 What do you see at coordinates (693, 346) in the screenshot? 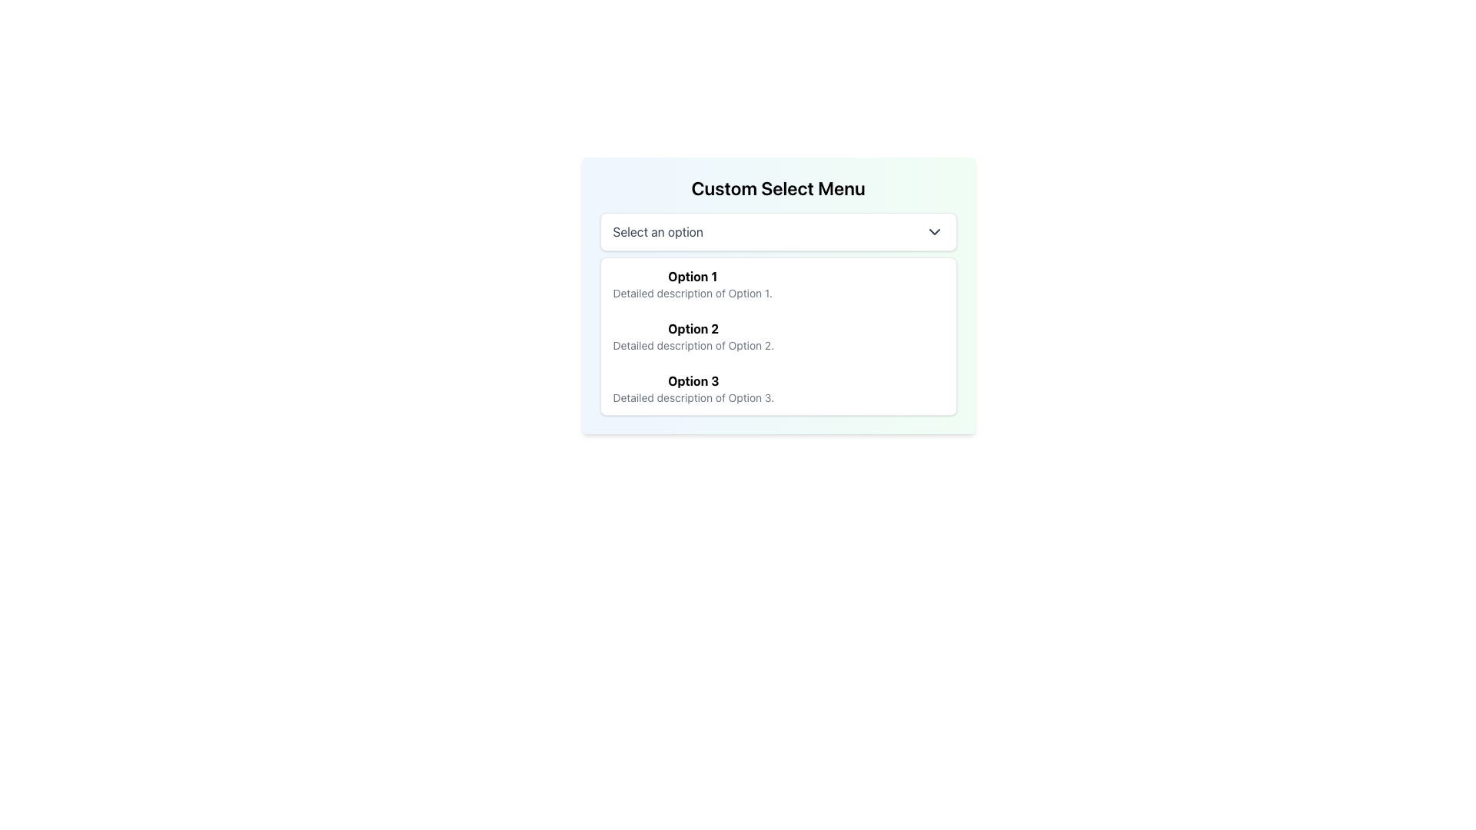
I see `the descriptive text label located below the 'Option 2' heading in the dropdown menu, which provides additional information about this option` at bounding box center [693, 346].